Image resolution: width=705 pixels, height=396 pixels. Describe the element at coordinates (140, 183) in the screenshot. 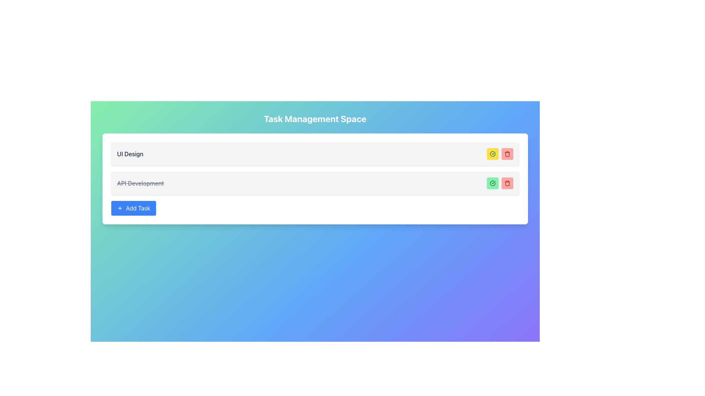

I see `the static text indicating a completed task, which is located in the second row beneath the 'UI Design' module` at that location.